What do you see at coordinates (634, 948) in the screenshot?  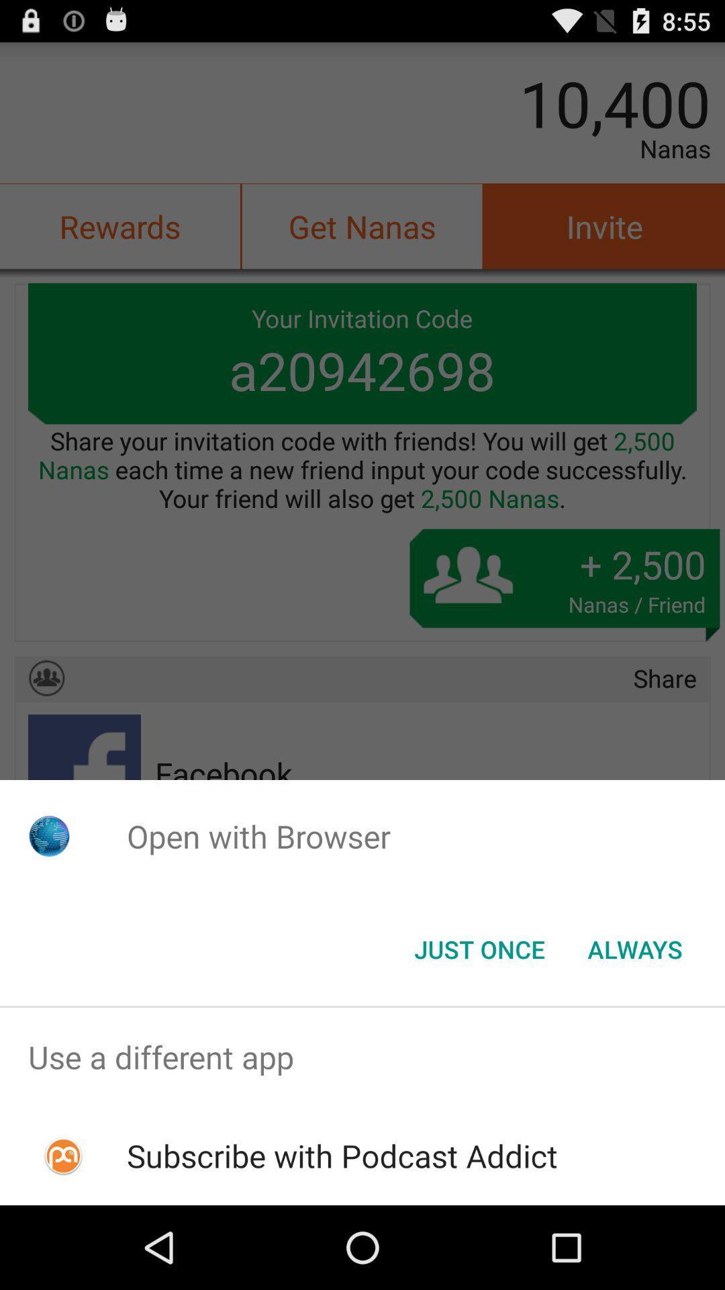 I see `item at the bottom right corner` at bounding box center [634, 948].